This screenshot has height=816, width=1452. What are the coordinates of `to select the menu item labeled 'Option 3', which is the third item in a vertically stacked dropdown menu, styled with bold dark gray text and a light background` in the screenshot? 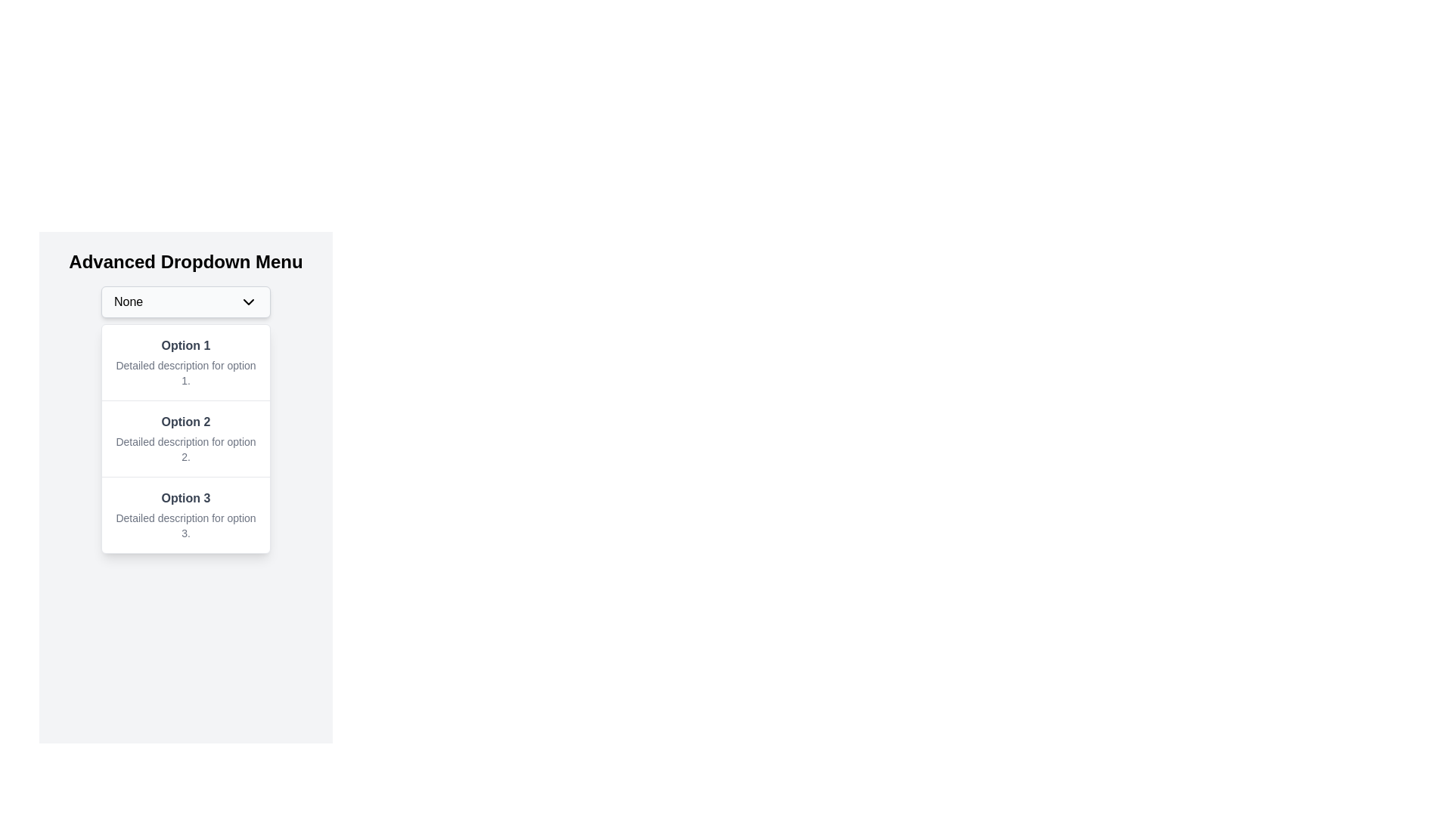 It's located at (185, 514).